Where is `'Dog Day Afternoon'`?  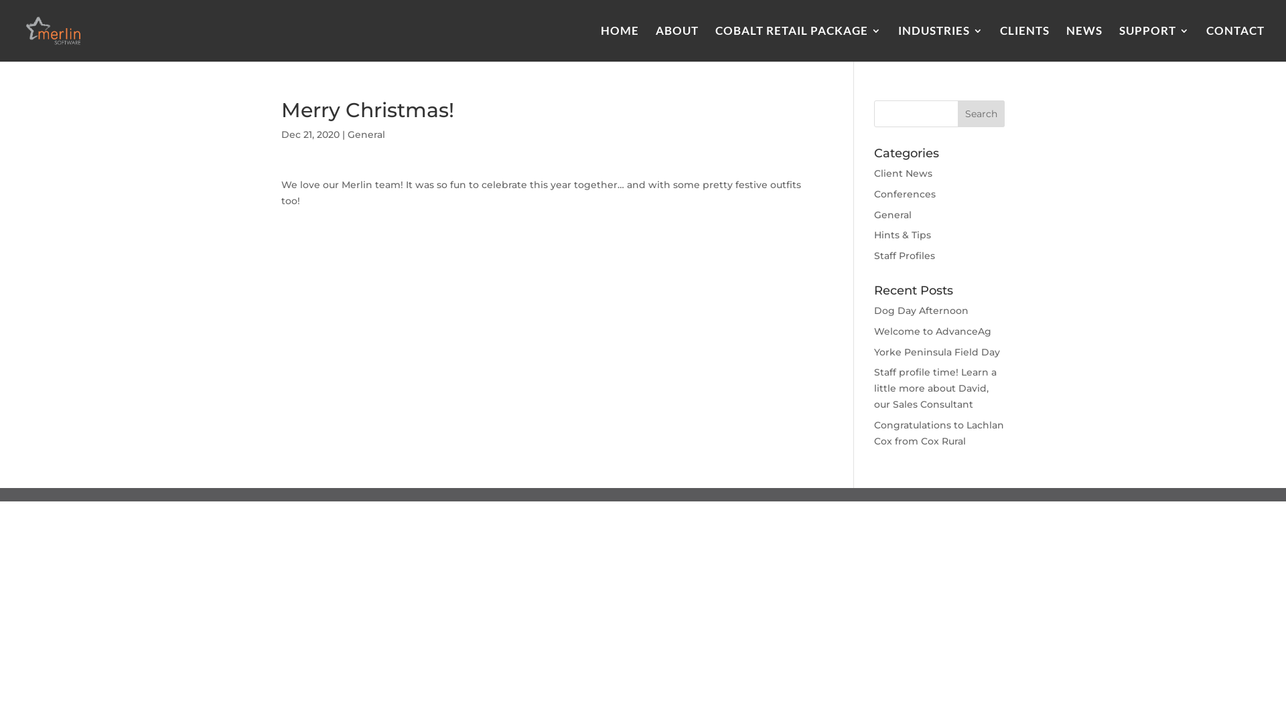 'Dog Day Afternoon' is located at coordinates (874, 310).